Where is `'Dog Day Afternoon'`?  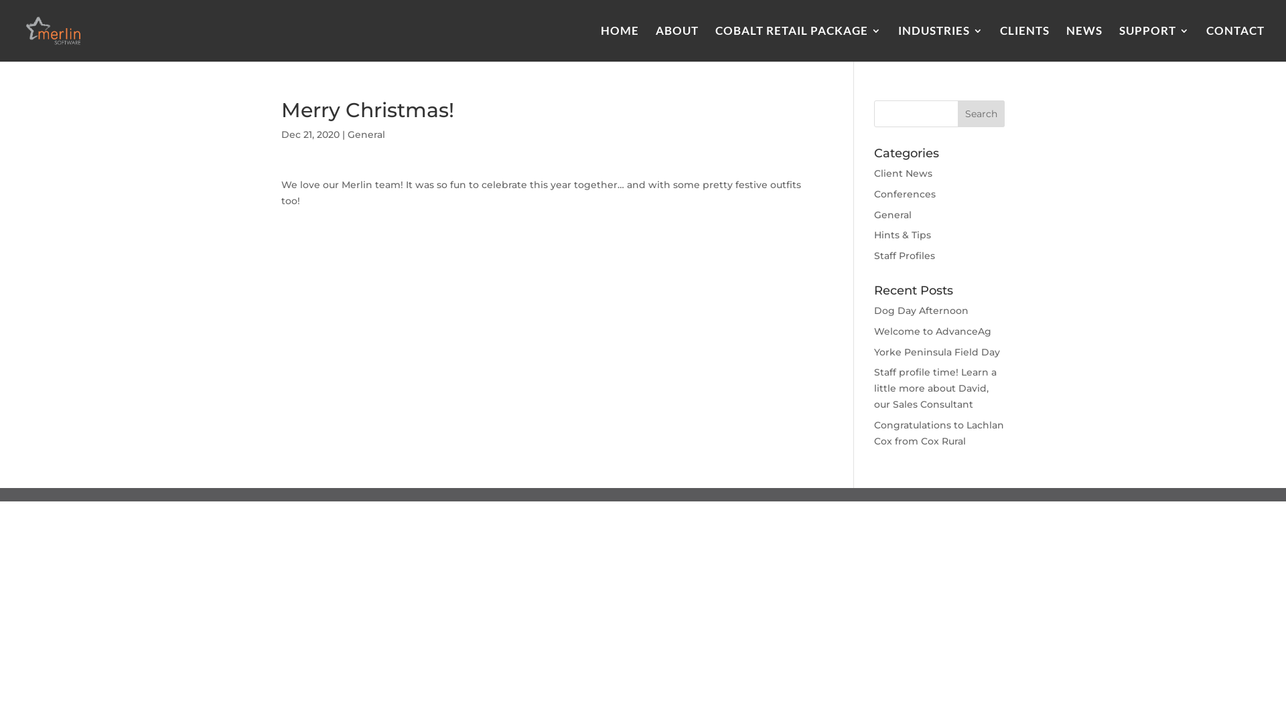 'Dog Day Afternoon' is located at coordinates (874, 310).